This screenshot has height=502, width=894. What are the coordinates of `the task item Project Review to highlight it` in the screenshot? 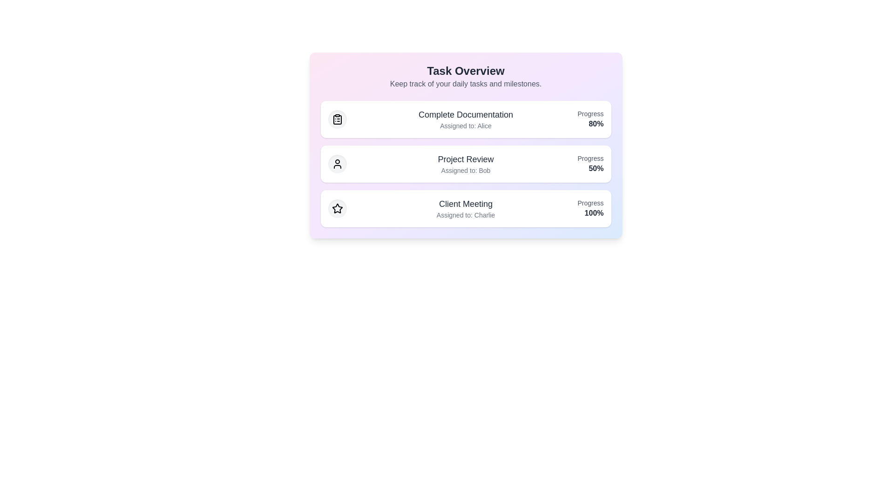 It's located at (466, 164).